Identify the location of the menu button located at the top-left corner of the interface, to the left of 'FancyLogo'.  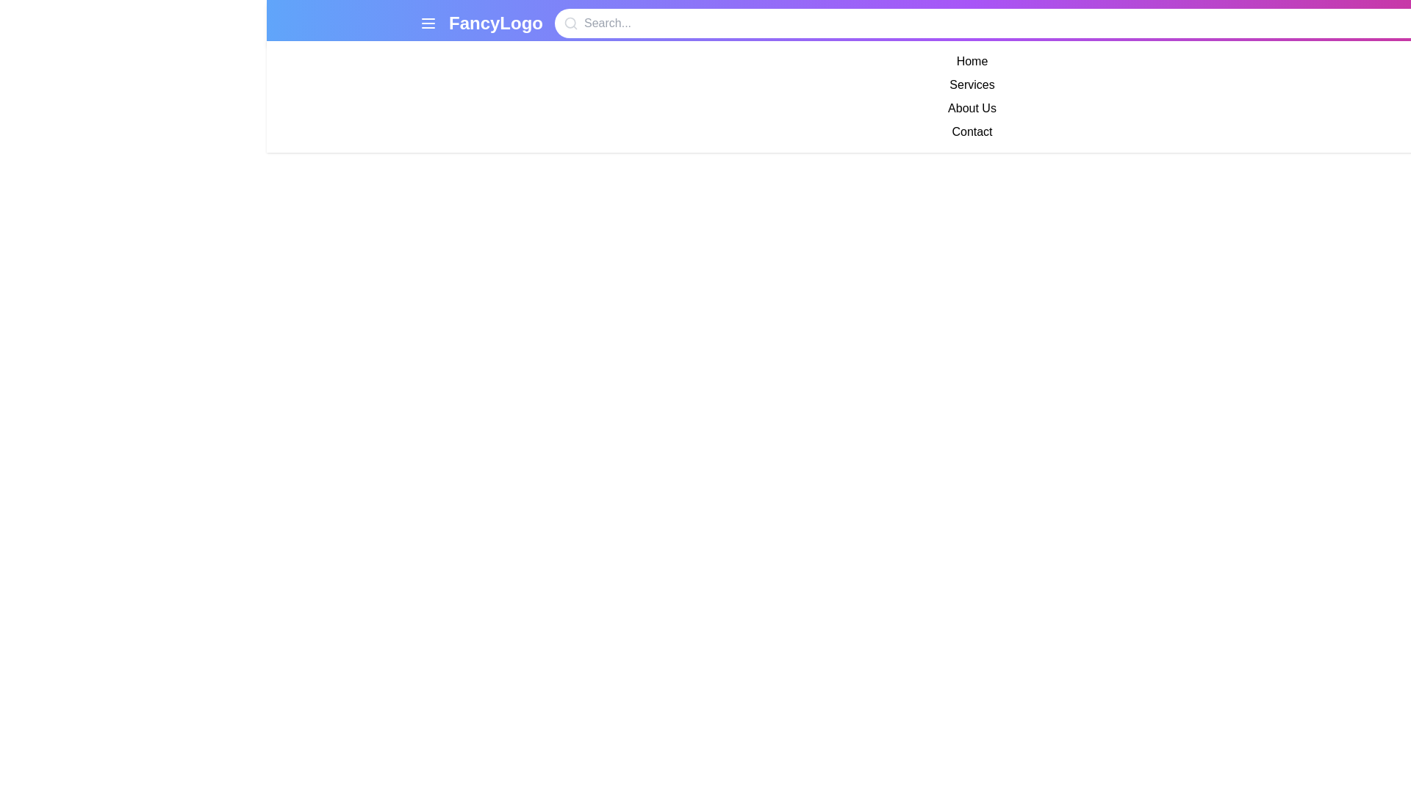
(427, 23).